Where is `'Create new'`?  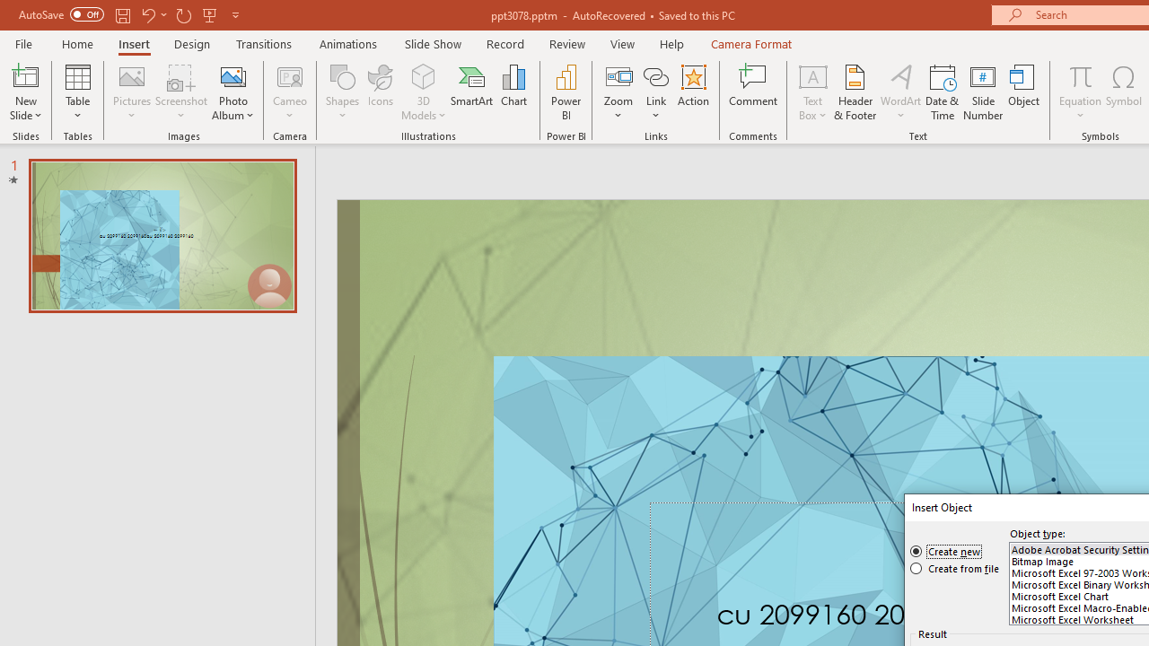 'Create new' is located at coordinates (945, 550).